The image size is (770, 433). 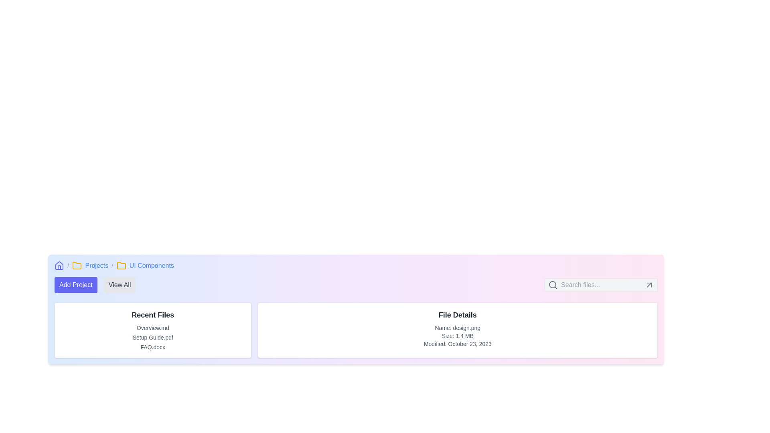 I want to click on the house icon in the breadcrumb navigation bar, so click(x=59, y=265).